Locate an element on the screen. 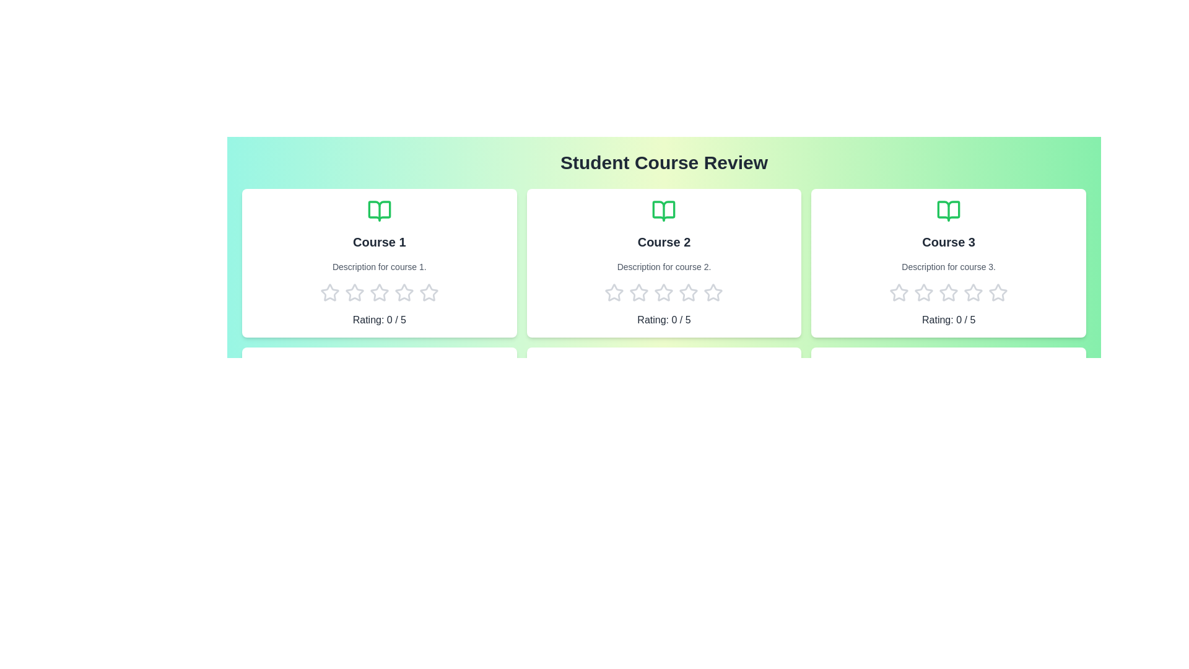 This screenshot has width=1189, height=669. the rating of a course to 5 stars by clicking on the corresponding star is located at coordinates (428, 293).